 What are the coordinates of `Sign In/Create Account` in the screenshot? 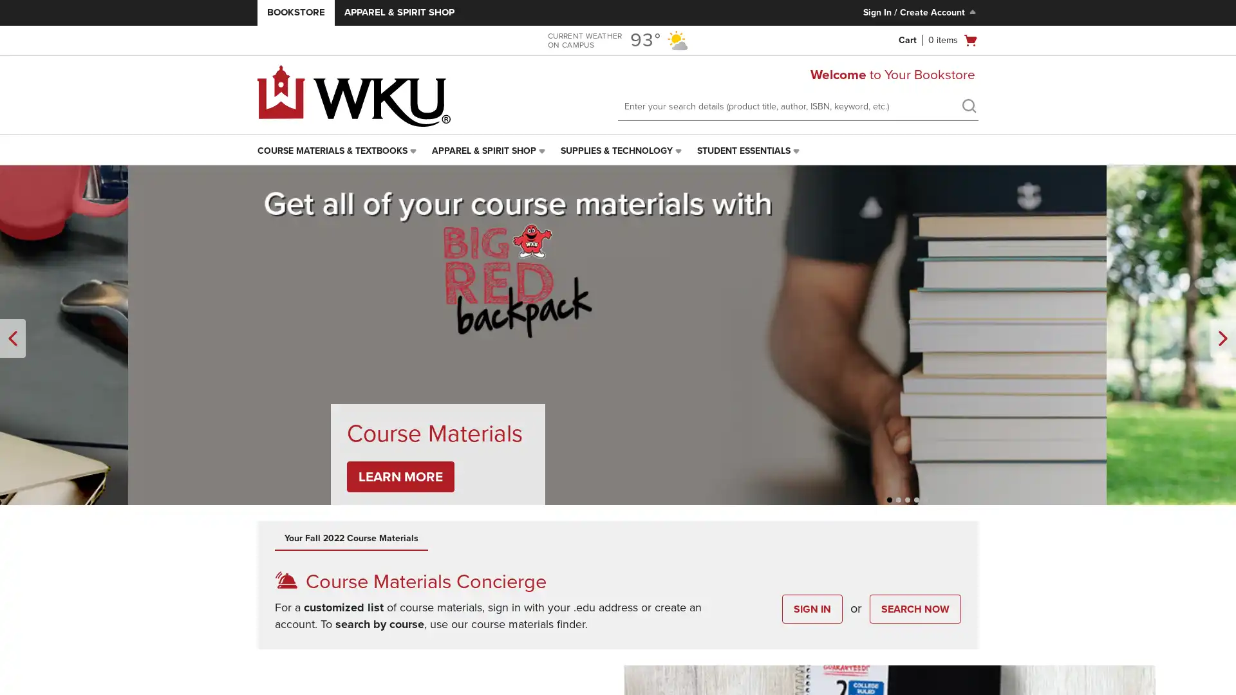 It's located at (920, 12).